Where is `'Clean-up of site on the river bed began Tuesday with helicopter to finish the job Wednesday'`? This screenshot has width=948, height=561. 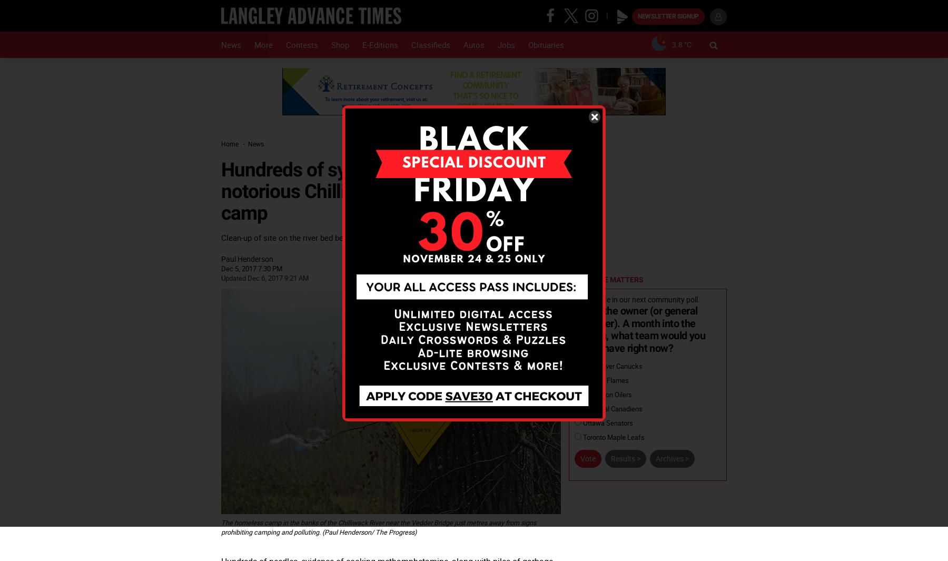 'Clean-up of site on the river bed began Tuesday with helicopter to finish the job Wednesday' is located at coordinates (221, 237).